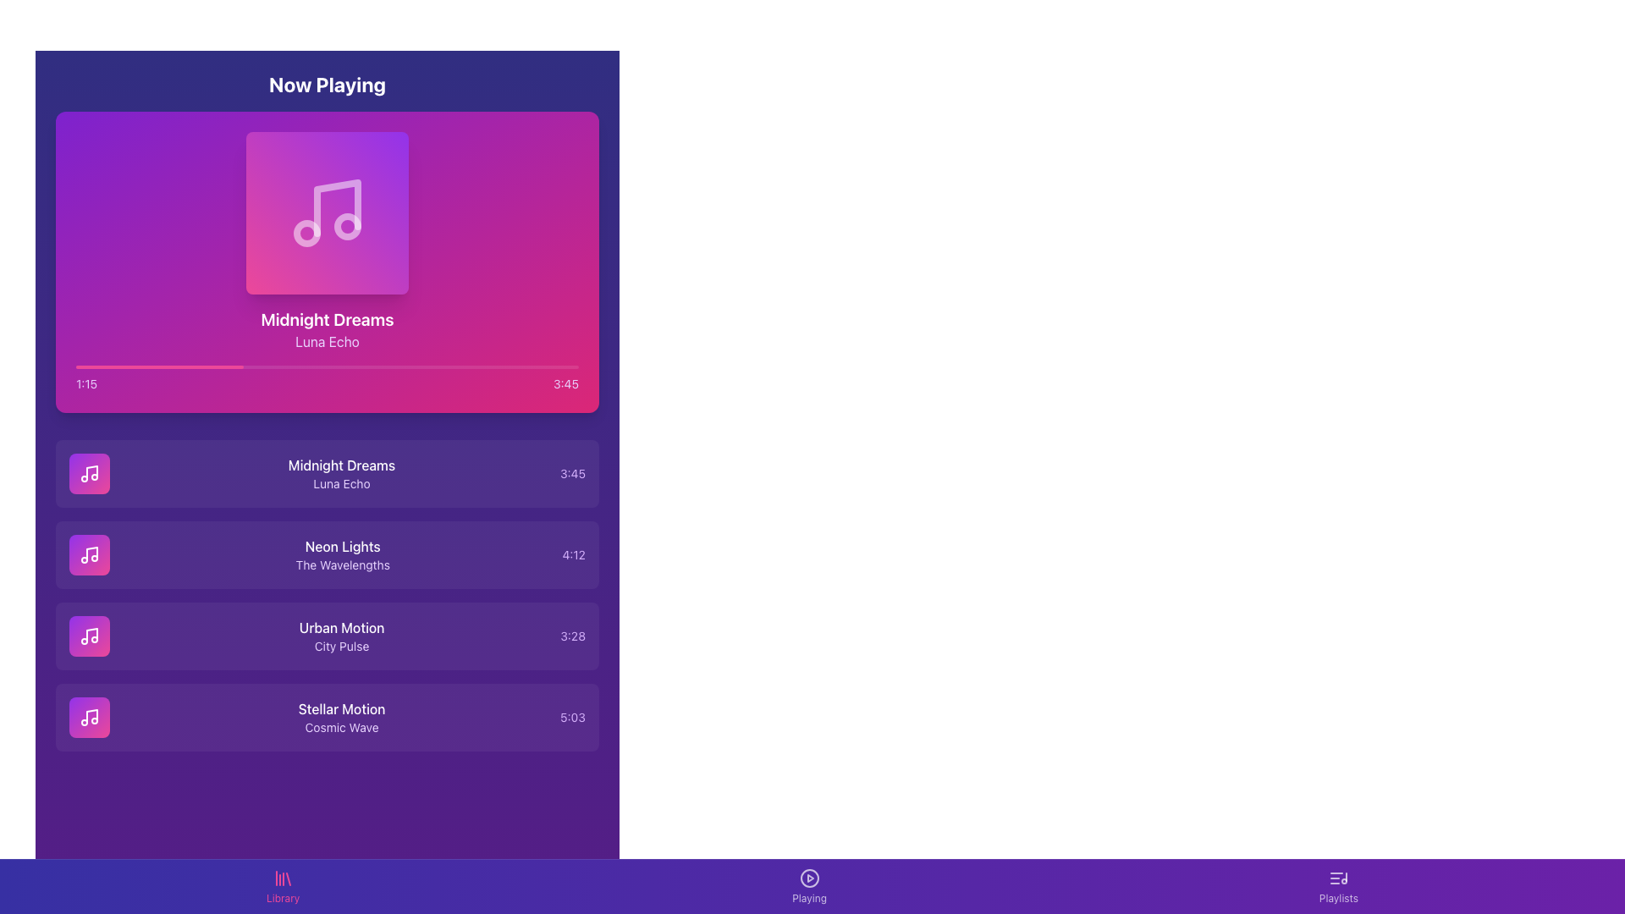 The image size is (1625, 914). Describe the element at coordinates (283, 877) in the screenshot. I see `the library icon in the bottom-left corner of the navigation bar` at that location.